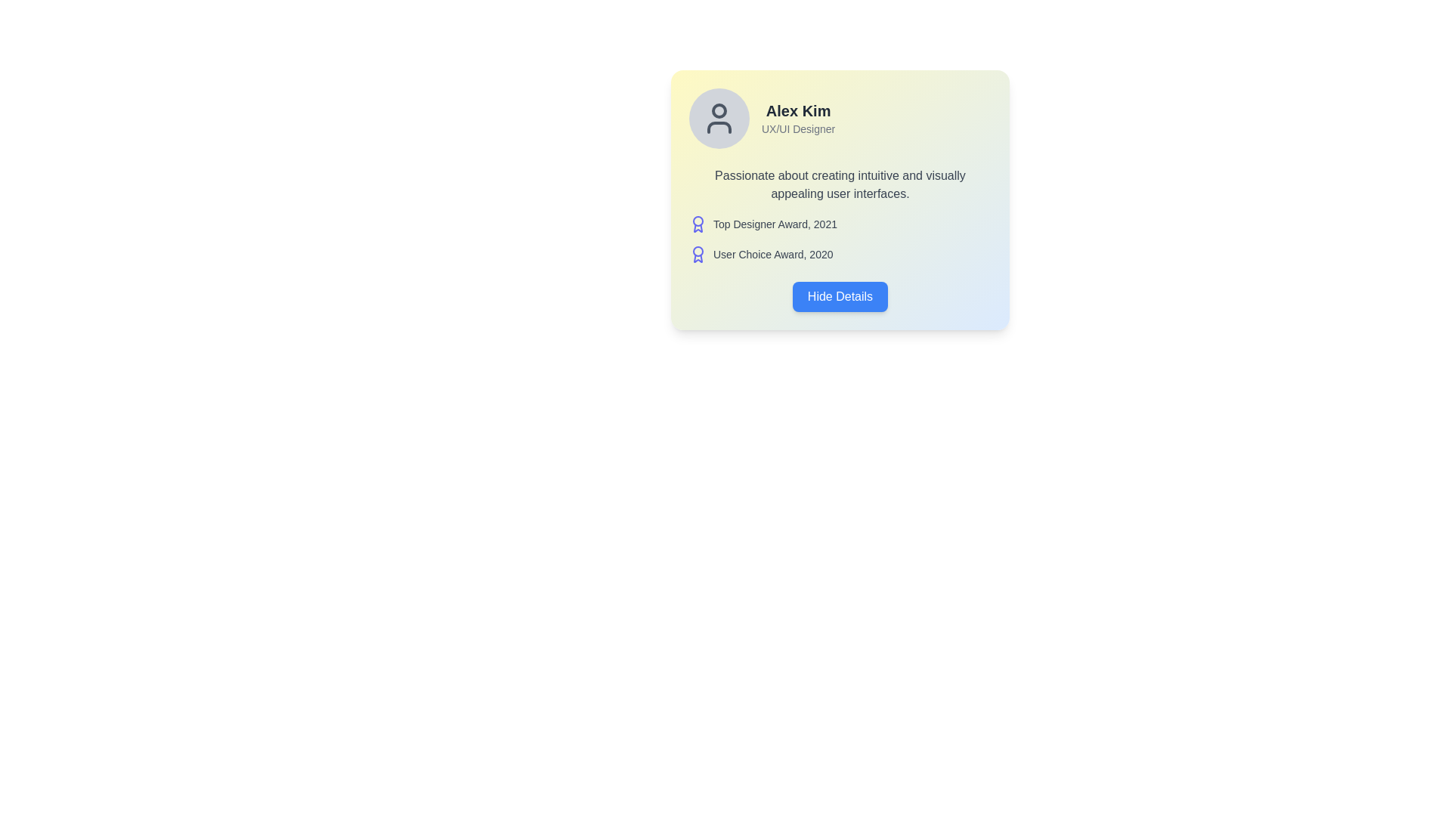  What do you see at coordinates (797, 110) in the screenshot?
I see `the Text Label that represents the name of the individual in the profile card layout, located immediately above the descriptive text 'UX/UI Designer'` at bounding box center [797, 110].